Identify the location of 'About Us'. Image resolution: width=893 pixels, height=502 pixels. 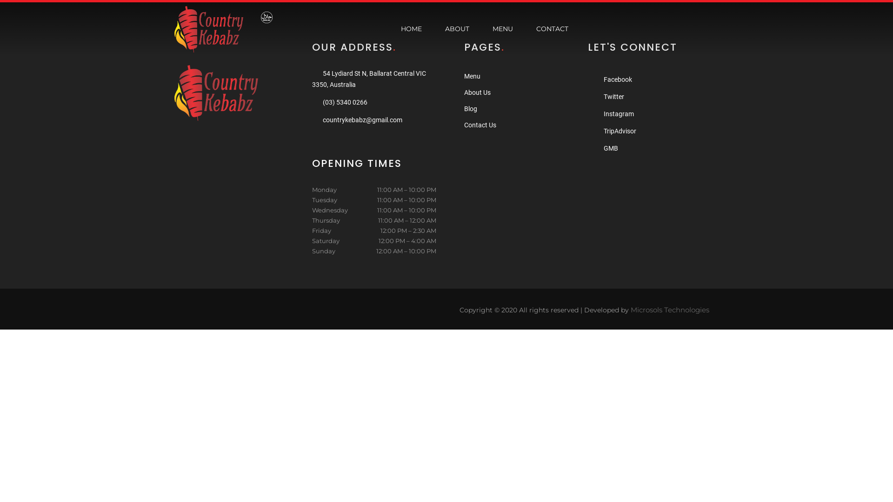
(464, 92).